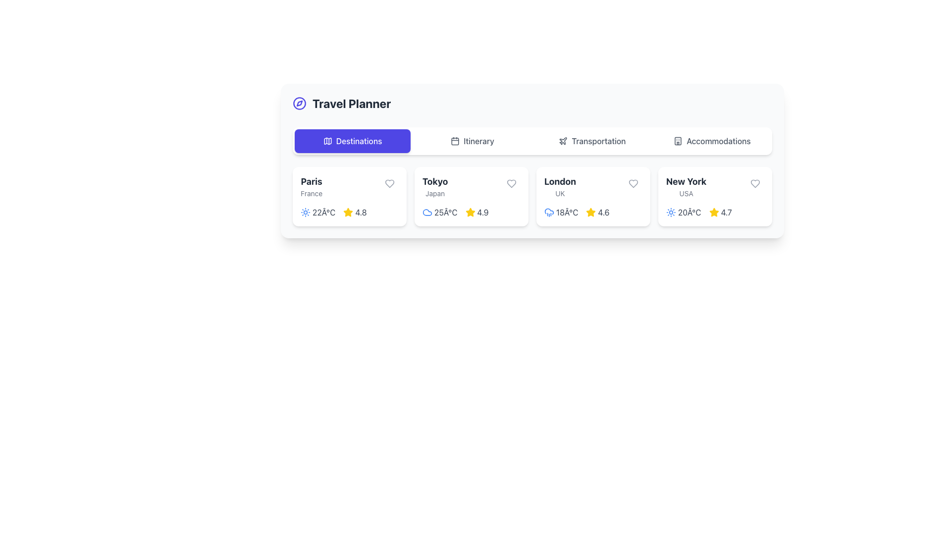 The height and width of the screenshot is (535, 951). I want to click on the card displaying information about the travel destination 'Paris', which is the first card in the 'Destinations' section with a white background and rounded corners, so click(349, 197).